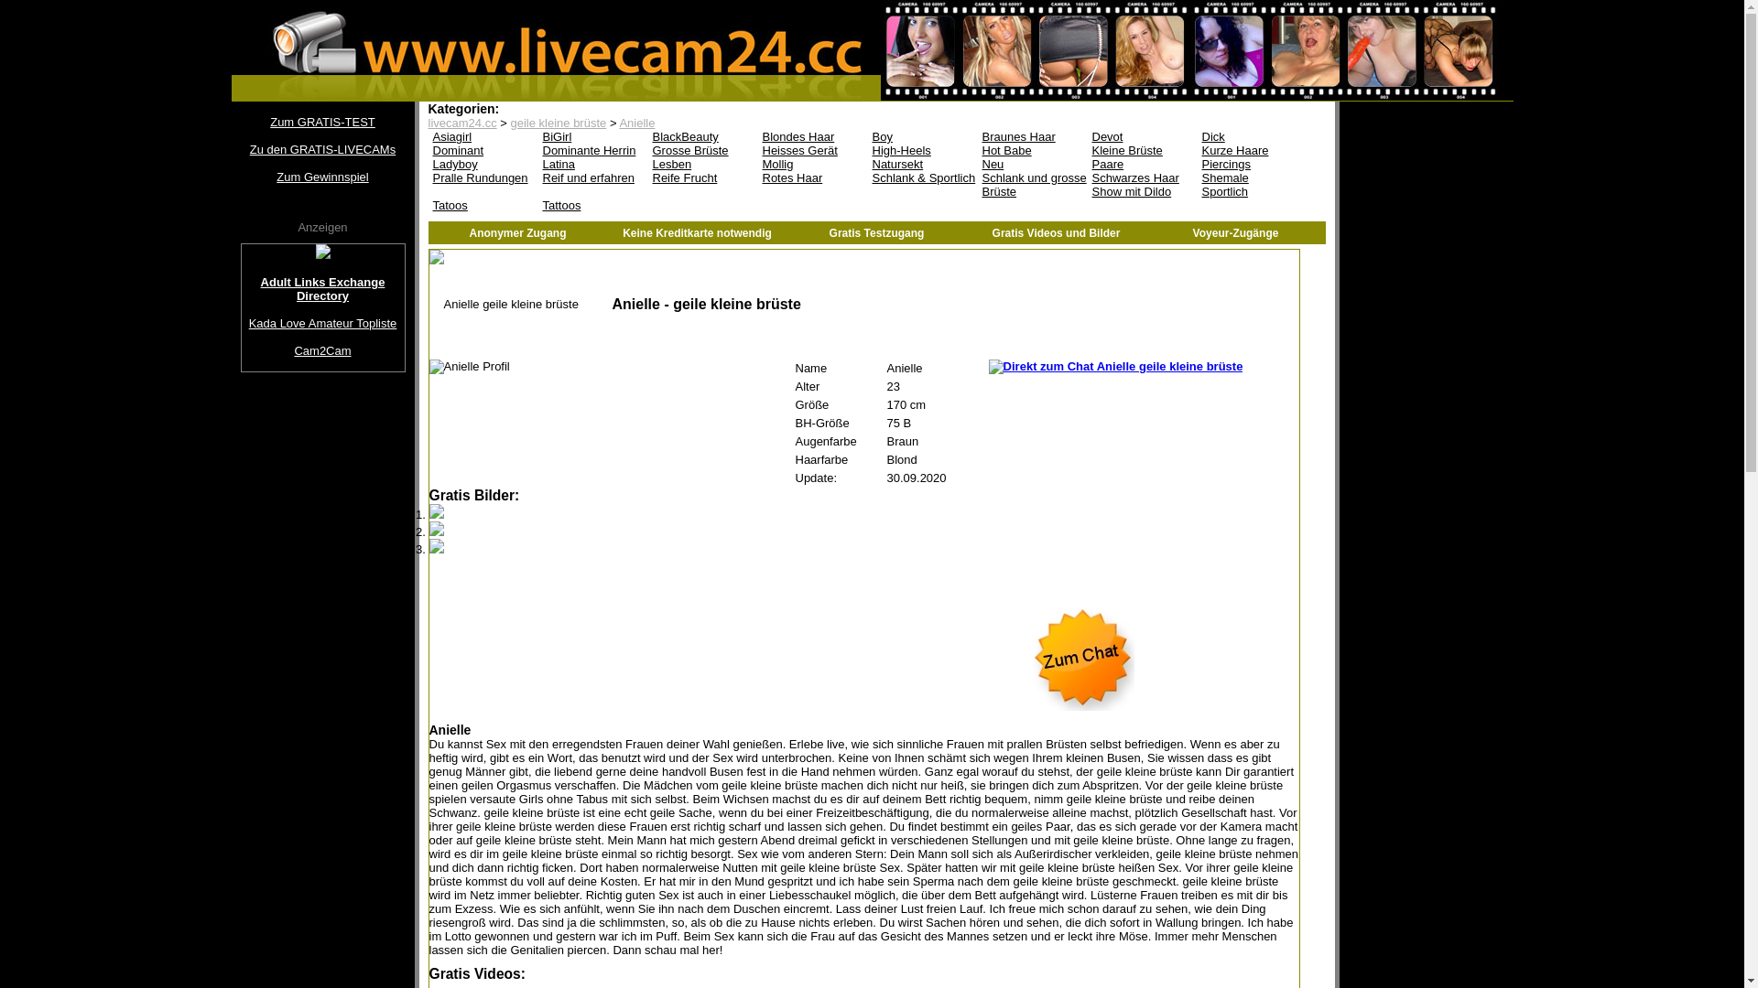 The width and height of the screenshot is (1758, 988). Describe the element at coordinates (1033, 135) in the screenshot. I see `'Braunes Haar'` at that location.